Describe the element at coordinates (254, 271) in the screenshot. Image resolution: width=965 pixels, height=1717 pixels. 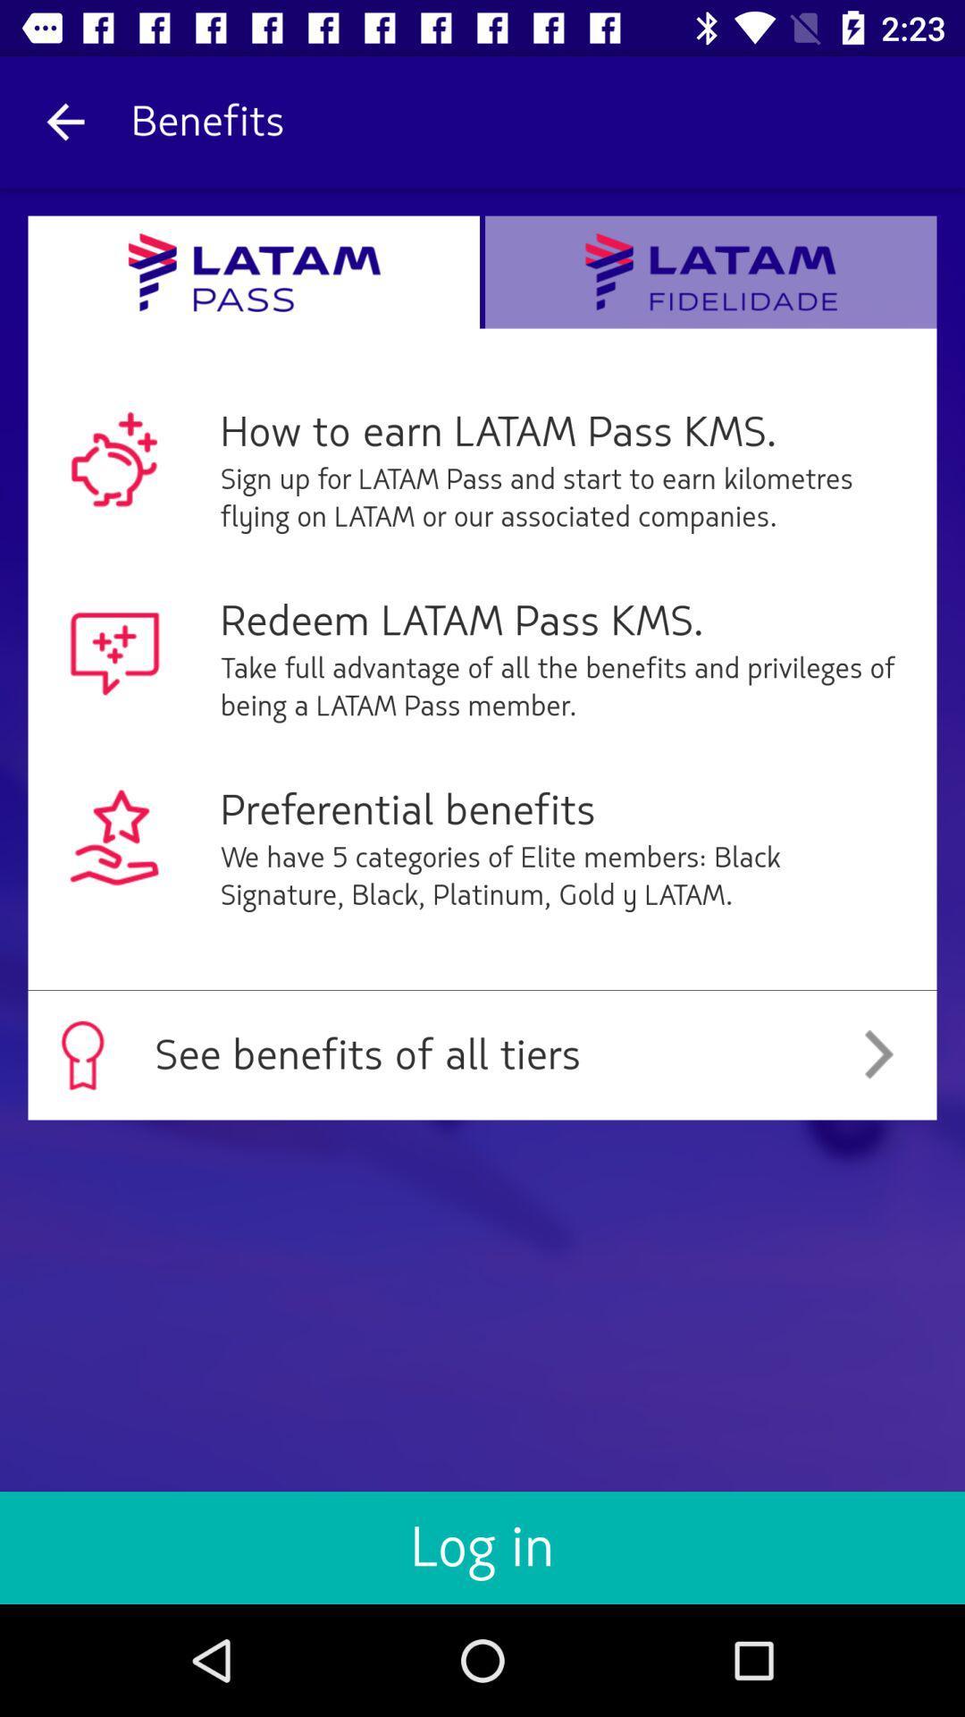
I see `open latam pass page` at that location.